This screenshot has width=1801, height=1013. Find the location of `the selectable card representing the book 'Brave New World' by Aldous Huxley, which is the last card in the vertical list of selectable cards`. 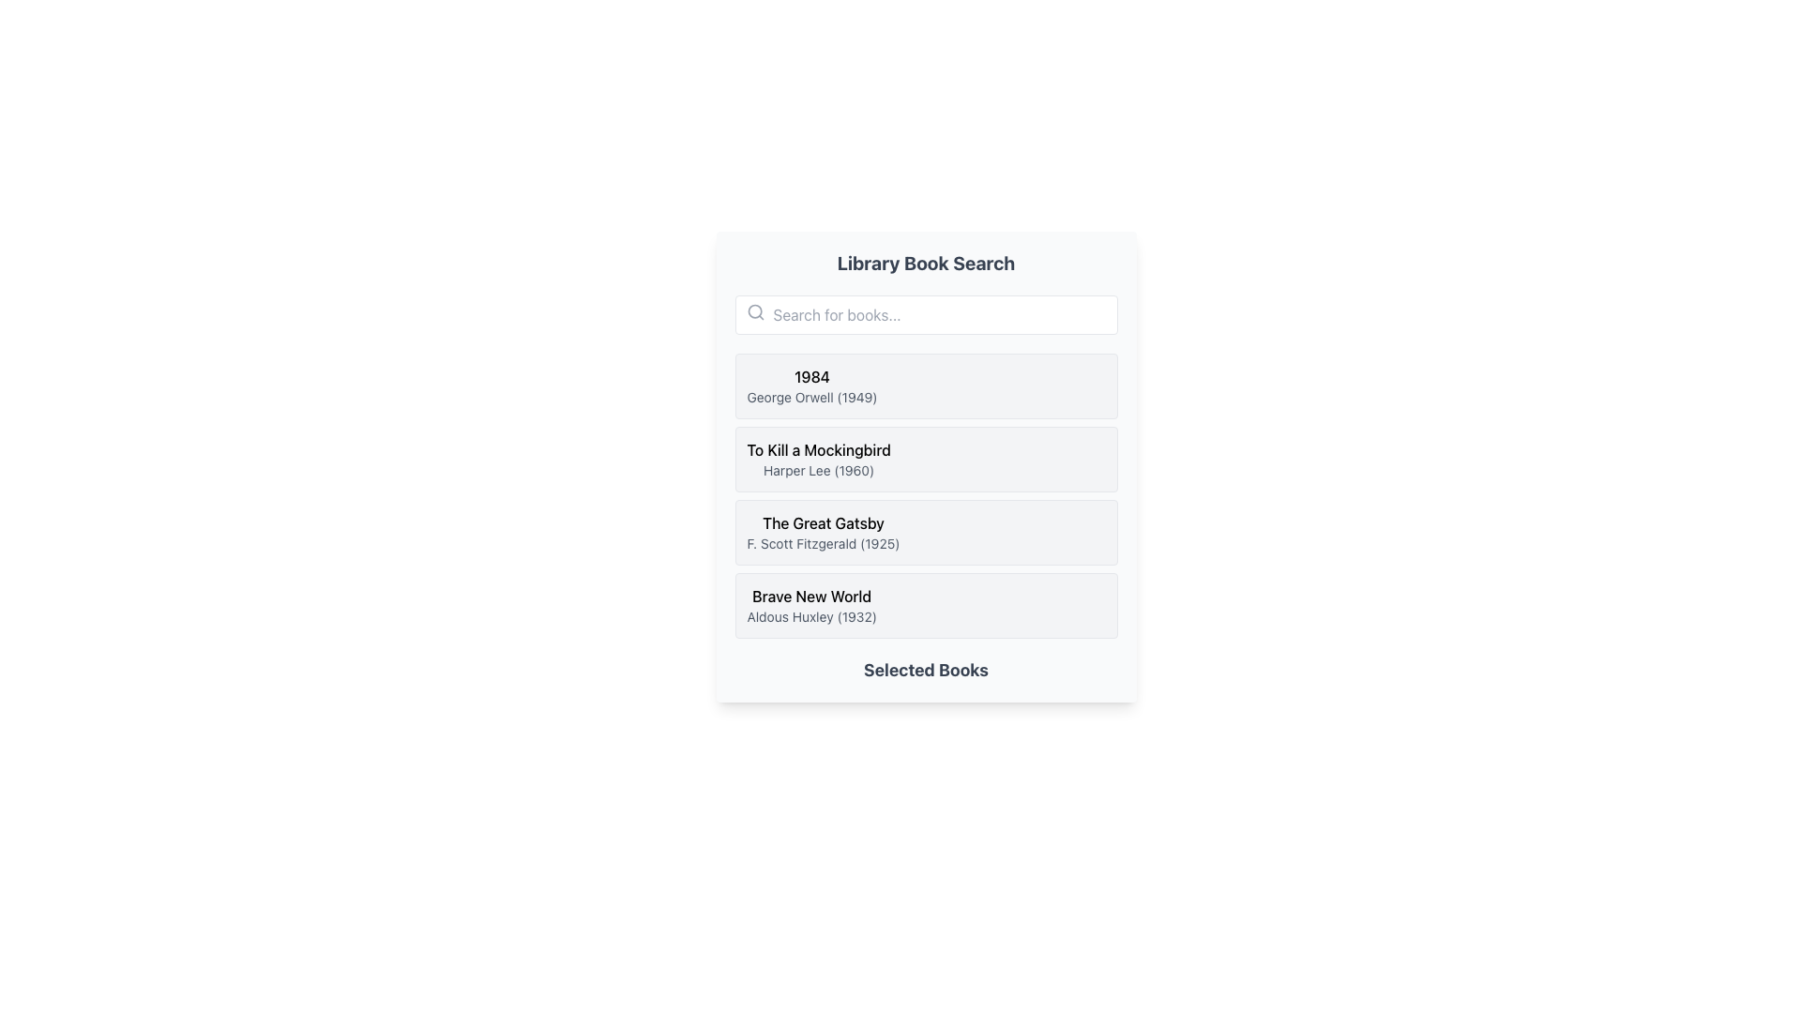

the selectable card representing the book 'Brave New World' by Aldous Huxley, which is the last card in the vertical list of selectable cards is located at coordinates (926, 605).